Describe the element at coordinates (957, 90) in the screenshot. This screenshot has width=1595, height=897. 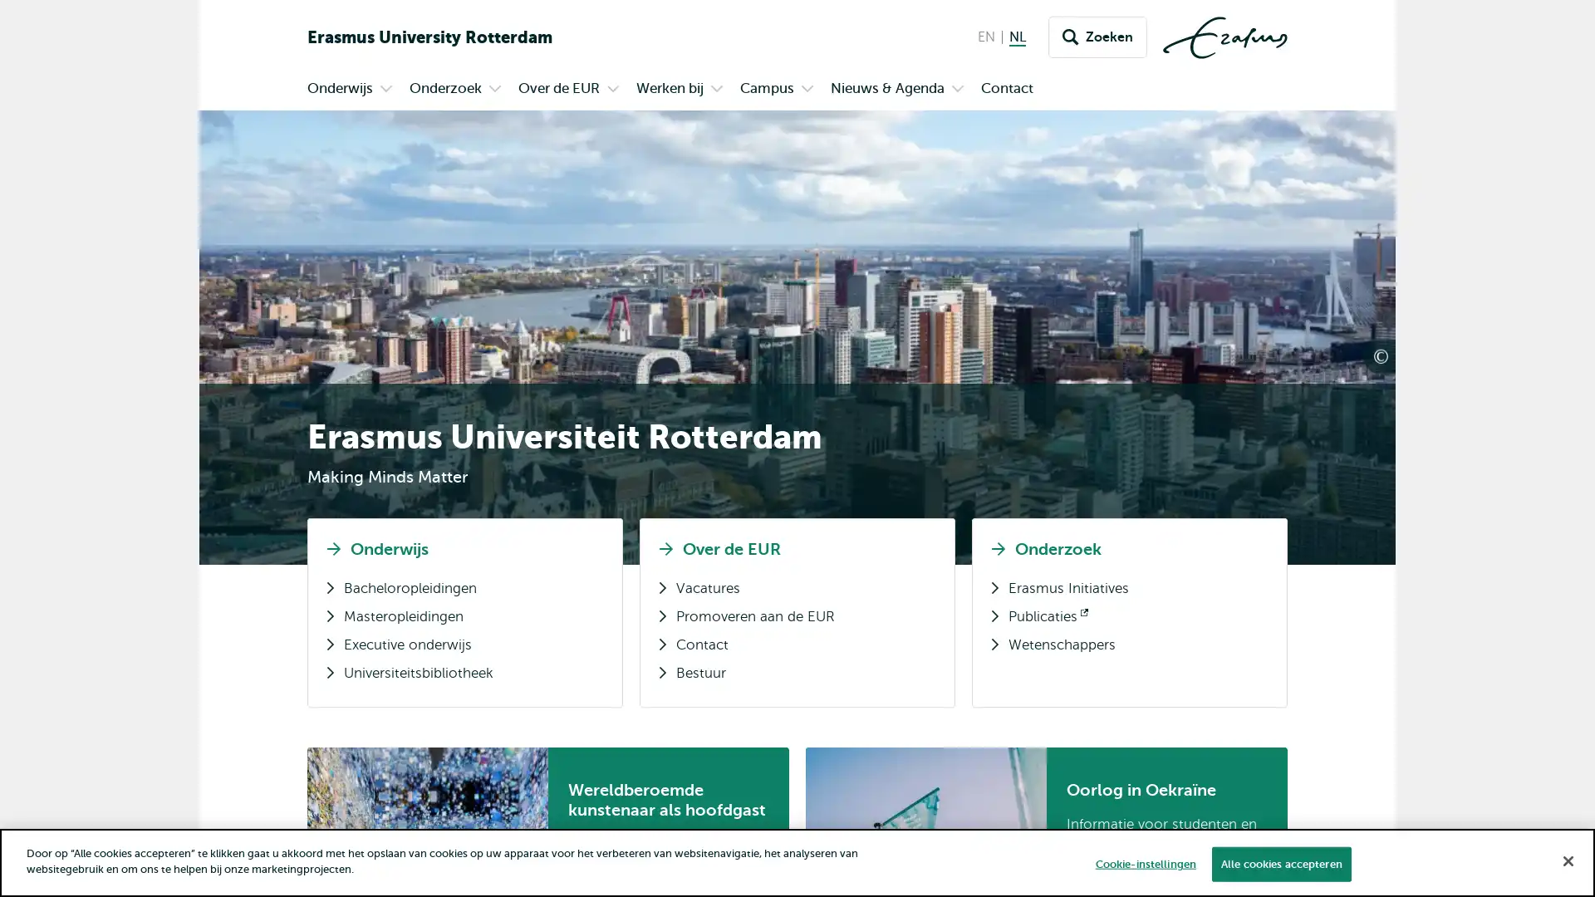
I see `Open submenu` at that location.